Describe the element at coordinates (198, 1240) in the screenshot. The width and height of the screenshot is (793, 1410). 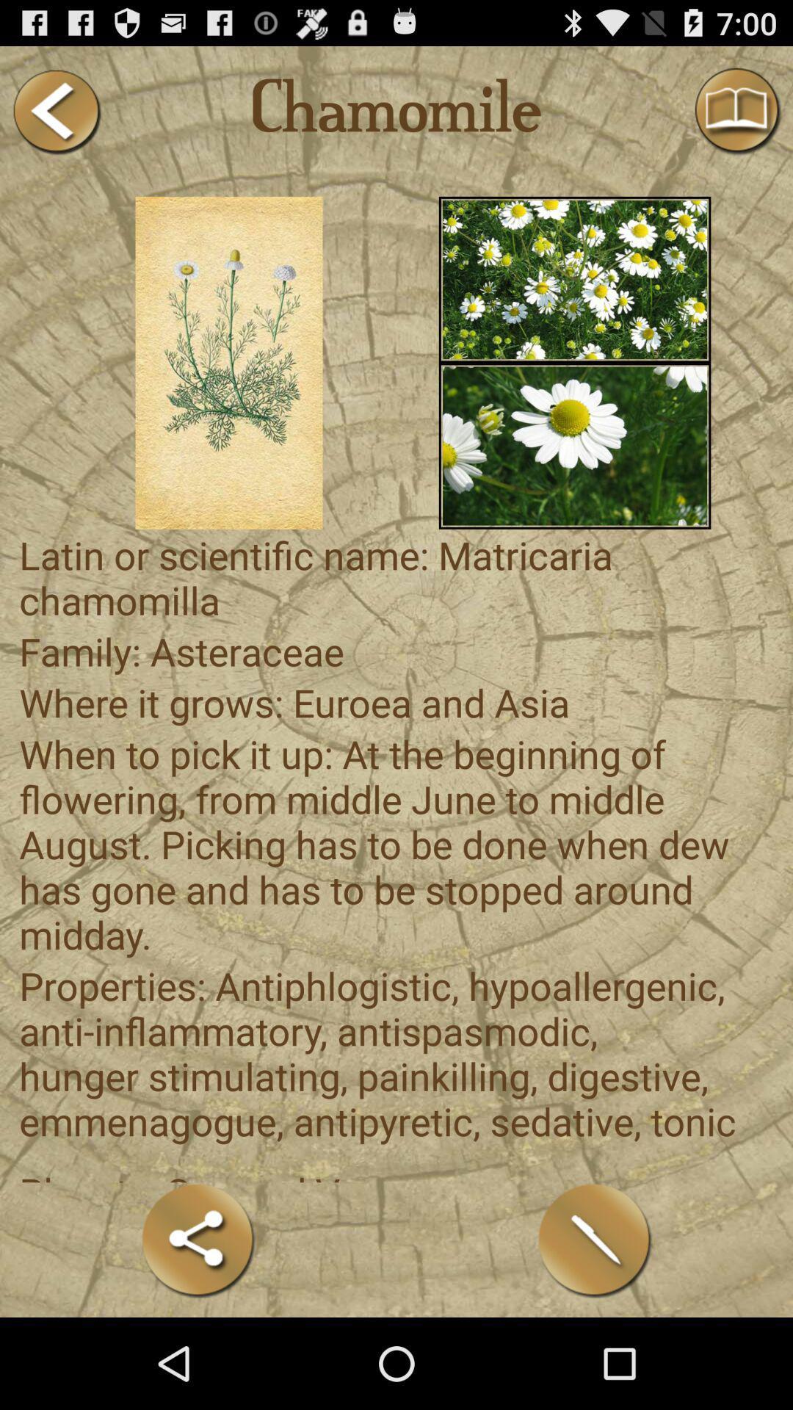
I see `share the other website` at that location.